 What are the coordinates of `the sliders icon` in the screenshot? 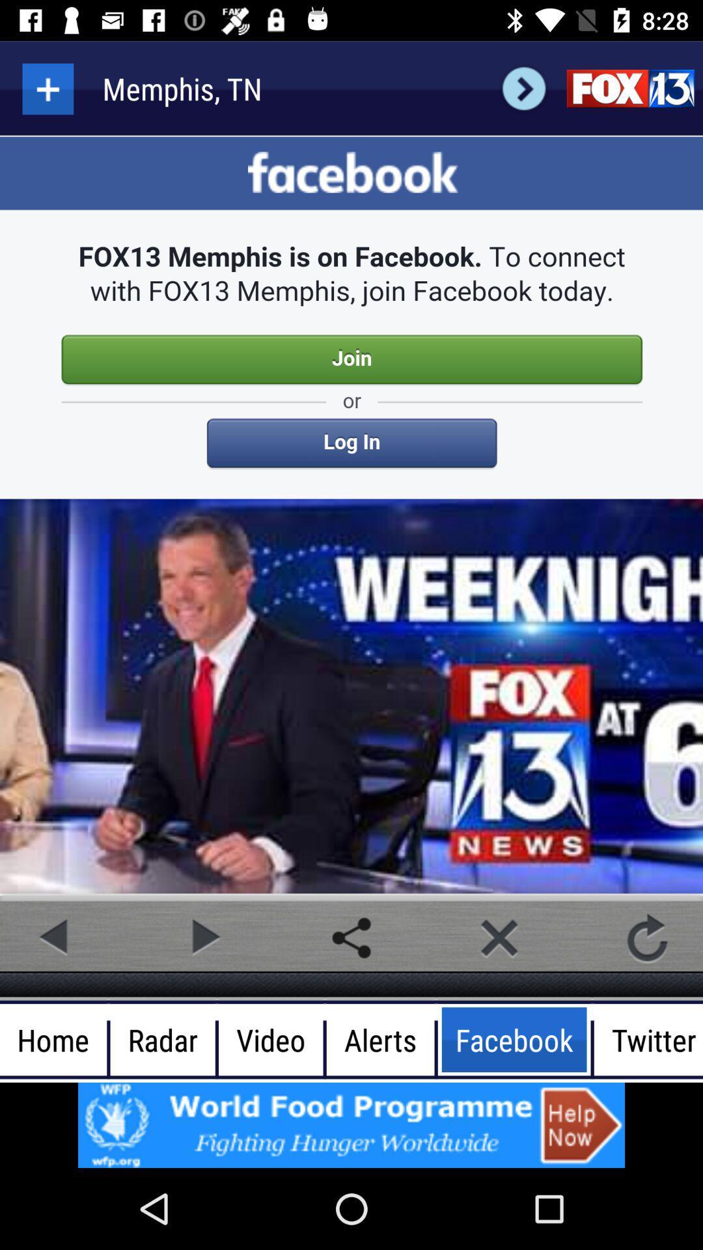 It's located at (629, 88).